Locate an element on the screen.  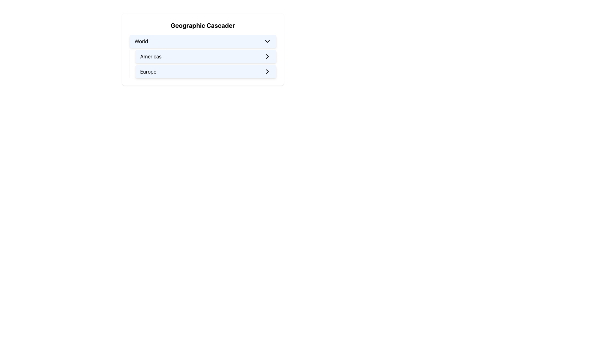
label of the Text Display titled 'Geographic Cascader', which is a bold, large text positioned at the top of its section is located at coordinates (203, 25).